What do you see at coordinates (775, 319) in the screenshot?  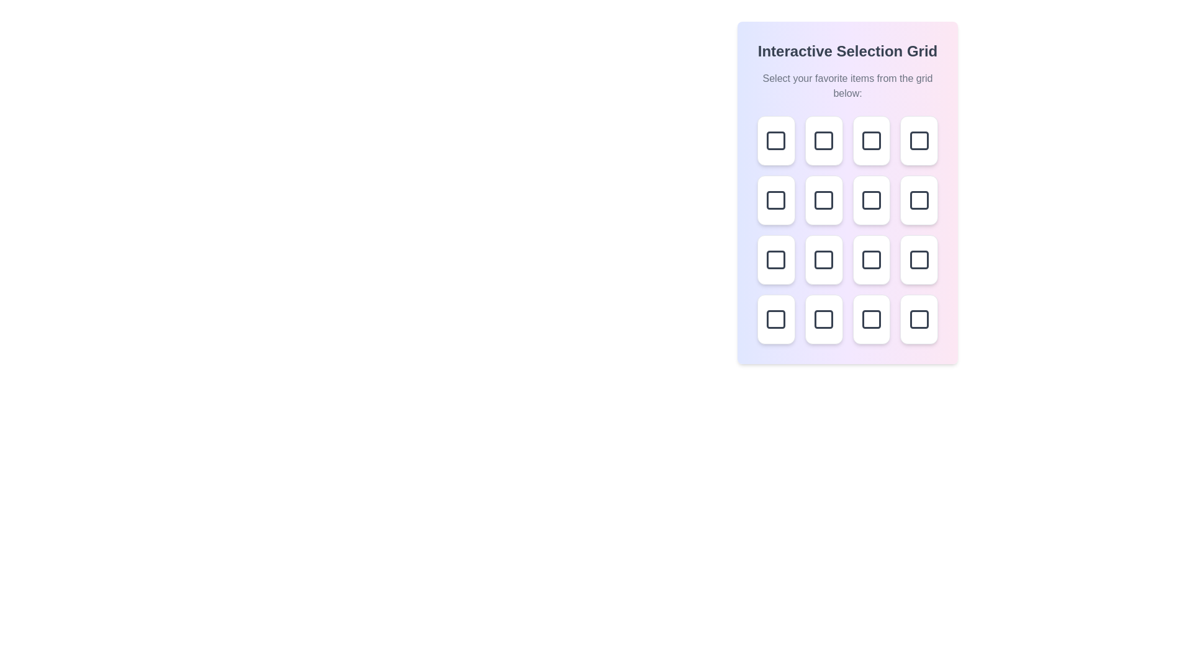 I see `the interactive button located in the bottom-left corner of the grid, which has a white background and a gray border` at bounding box center [775, 319].